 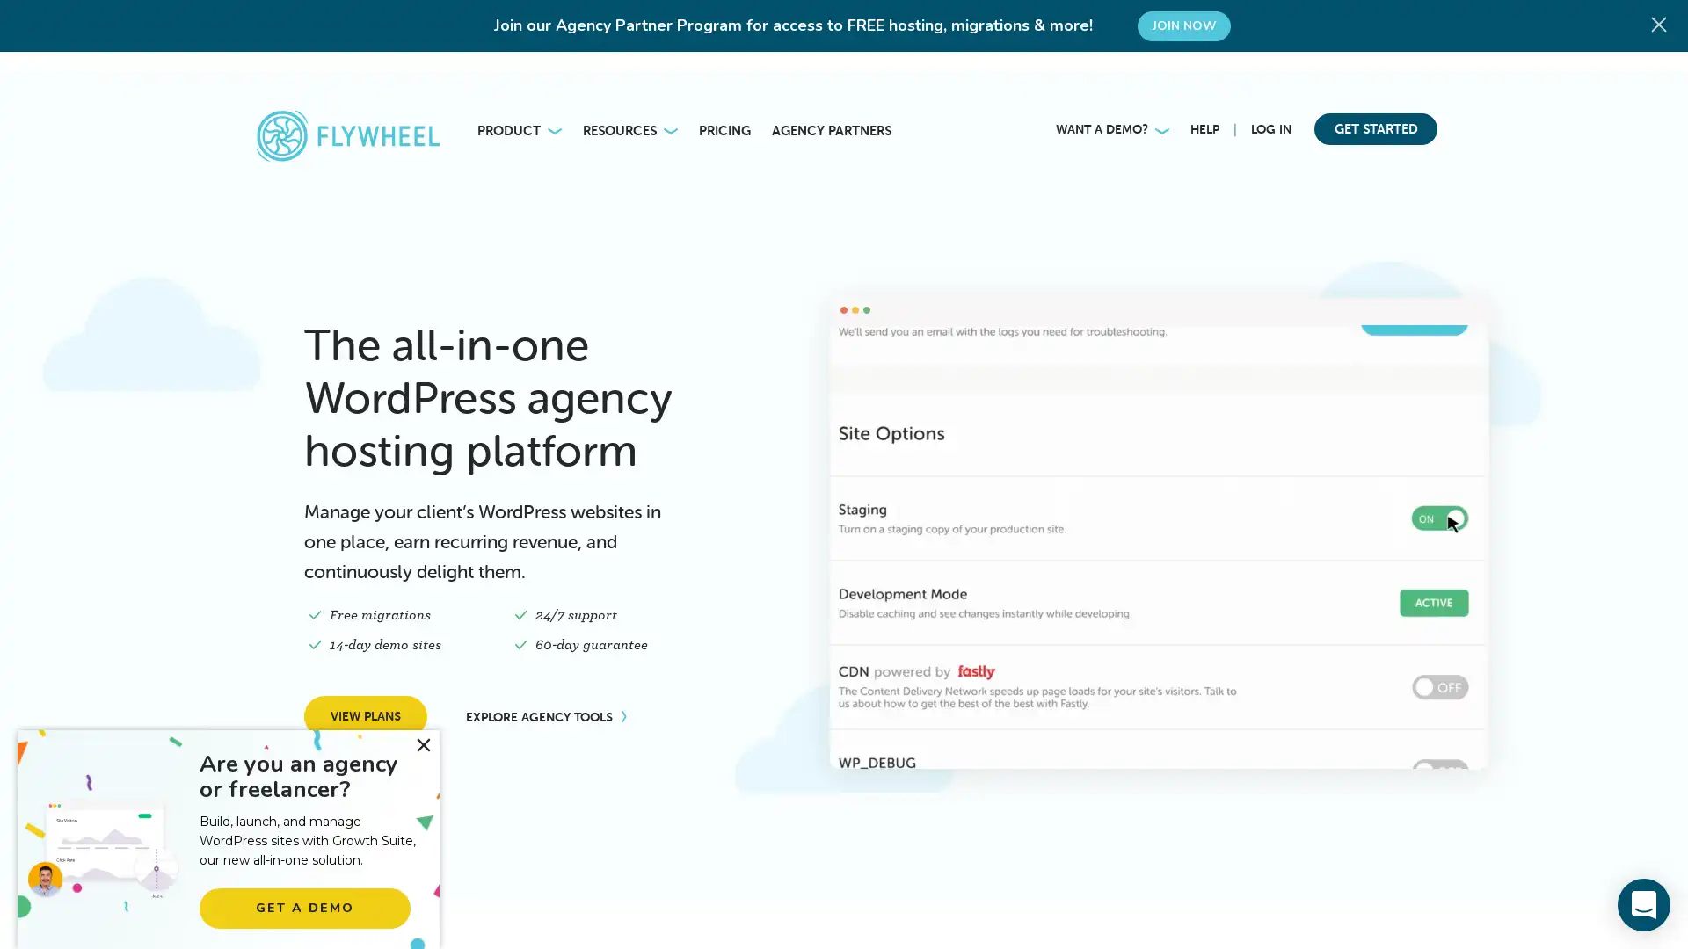 I want to click on Close, so click(x=1662, y=22).